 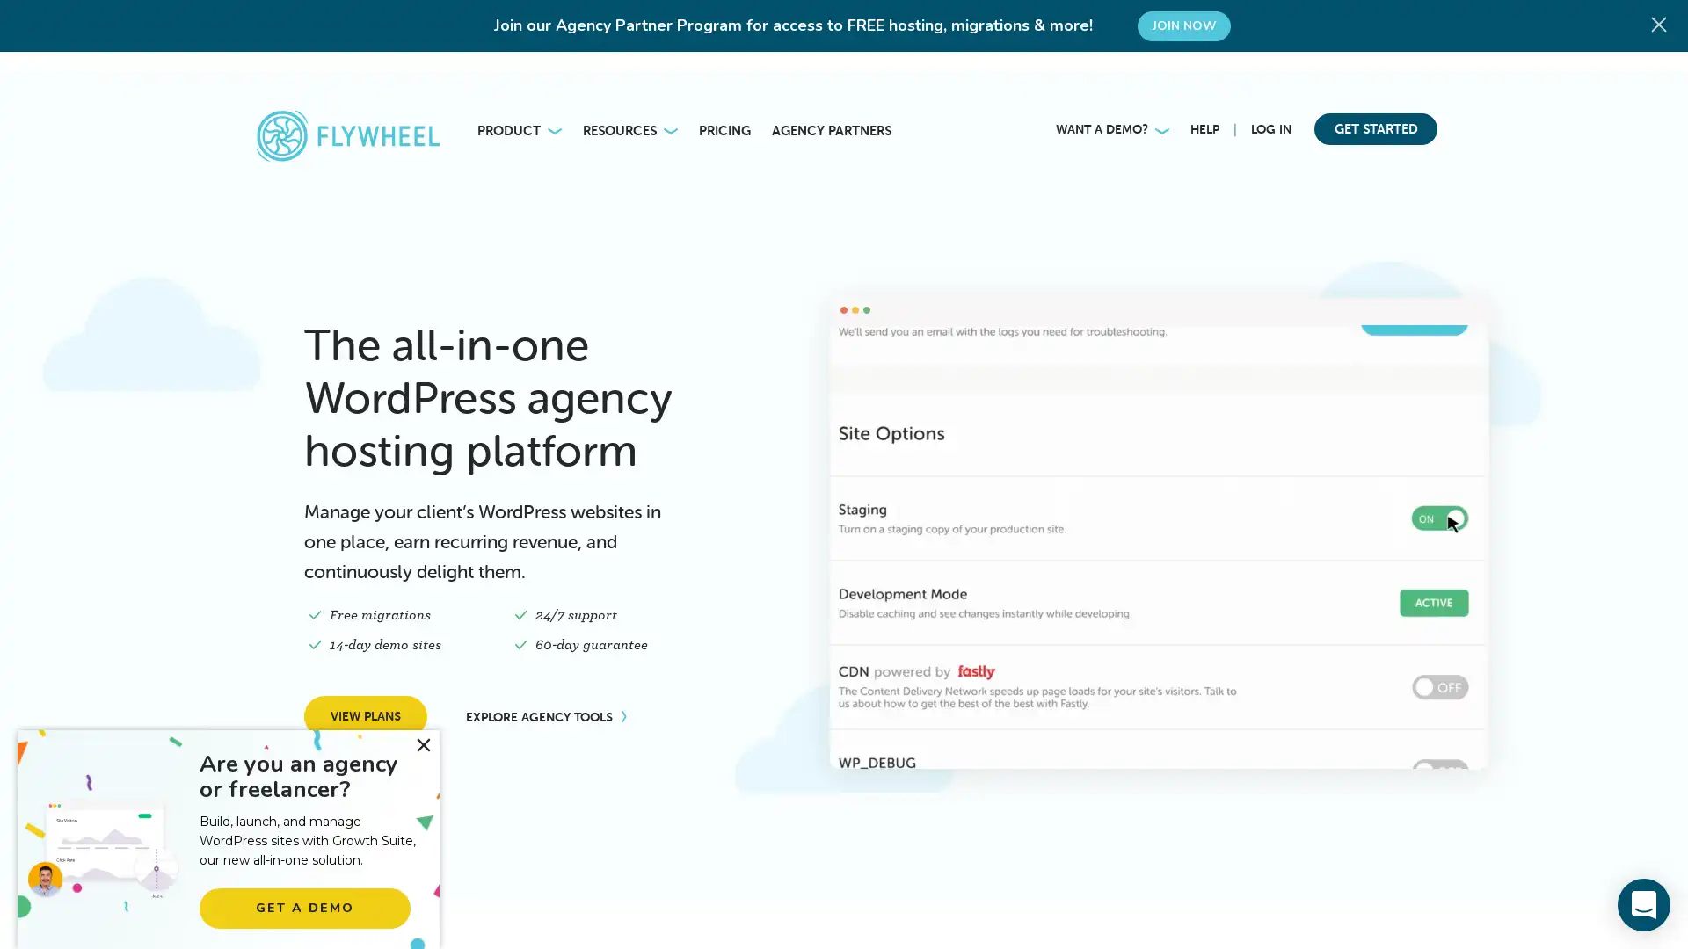 I want to click on Close, so click(x=1662, y=22).